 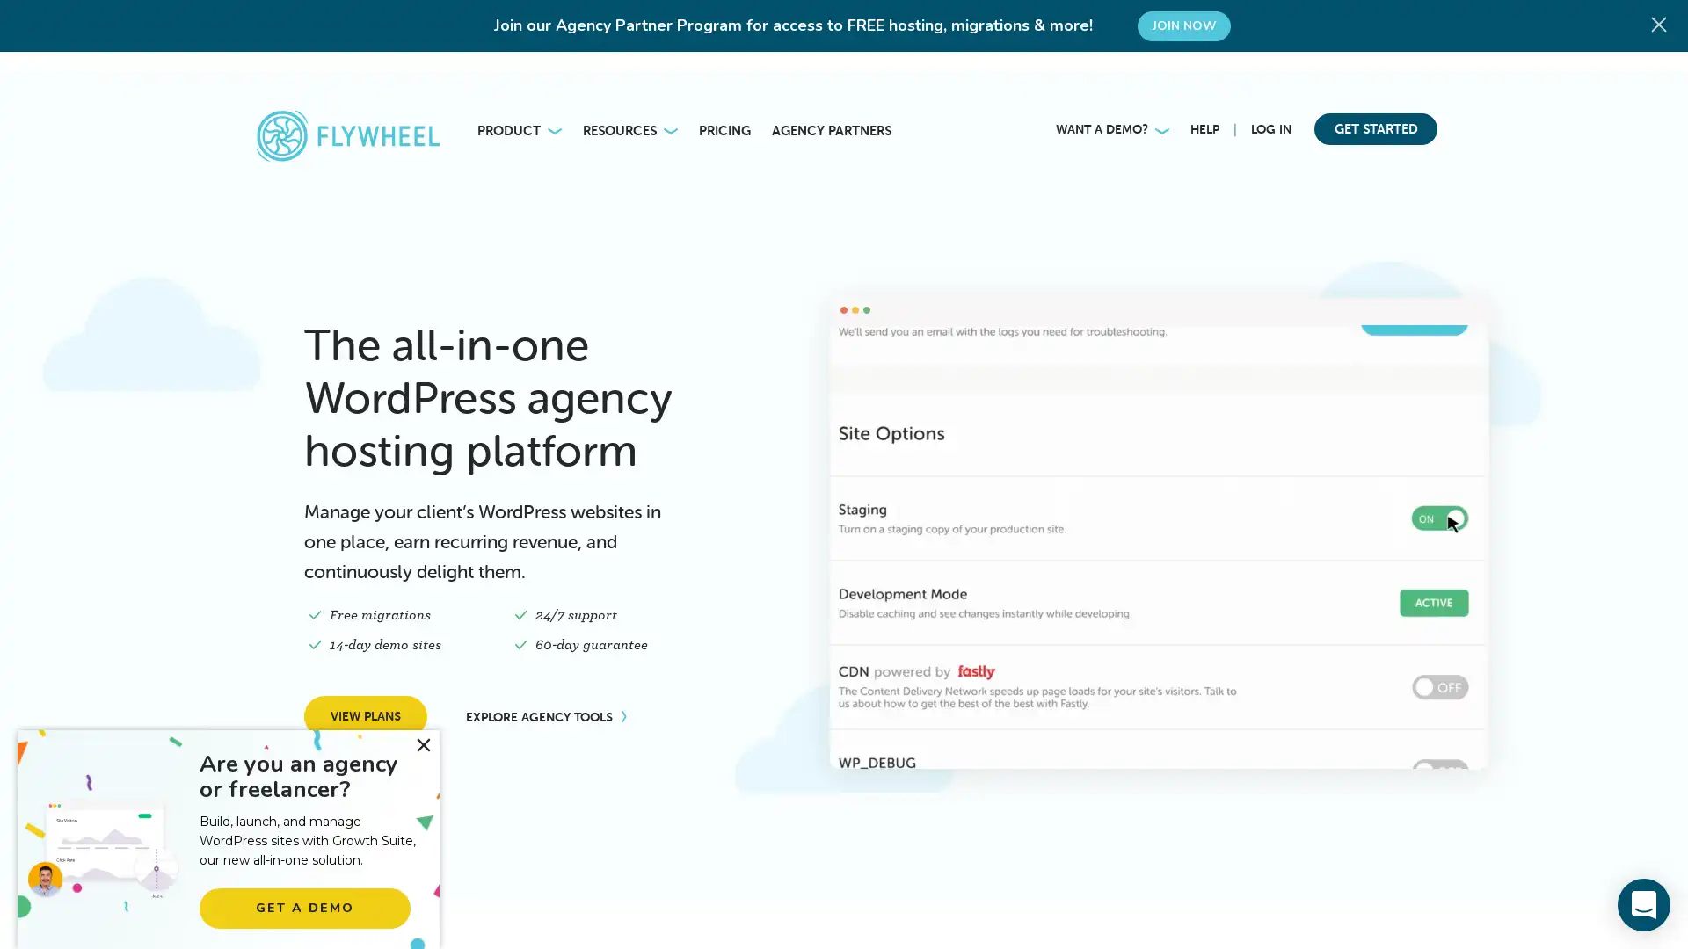 I want to click on Close, so click(x=1662, y=22).